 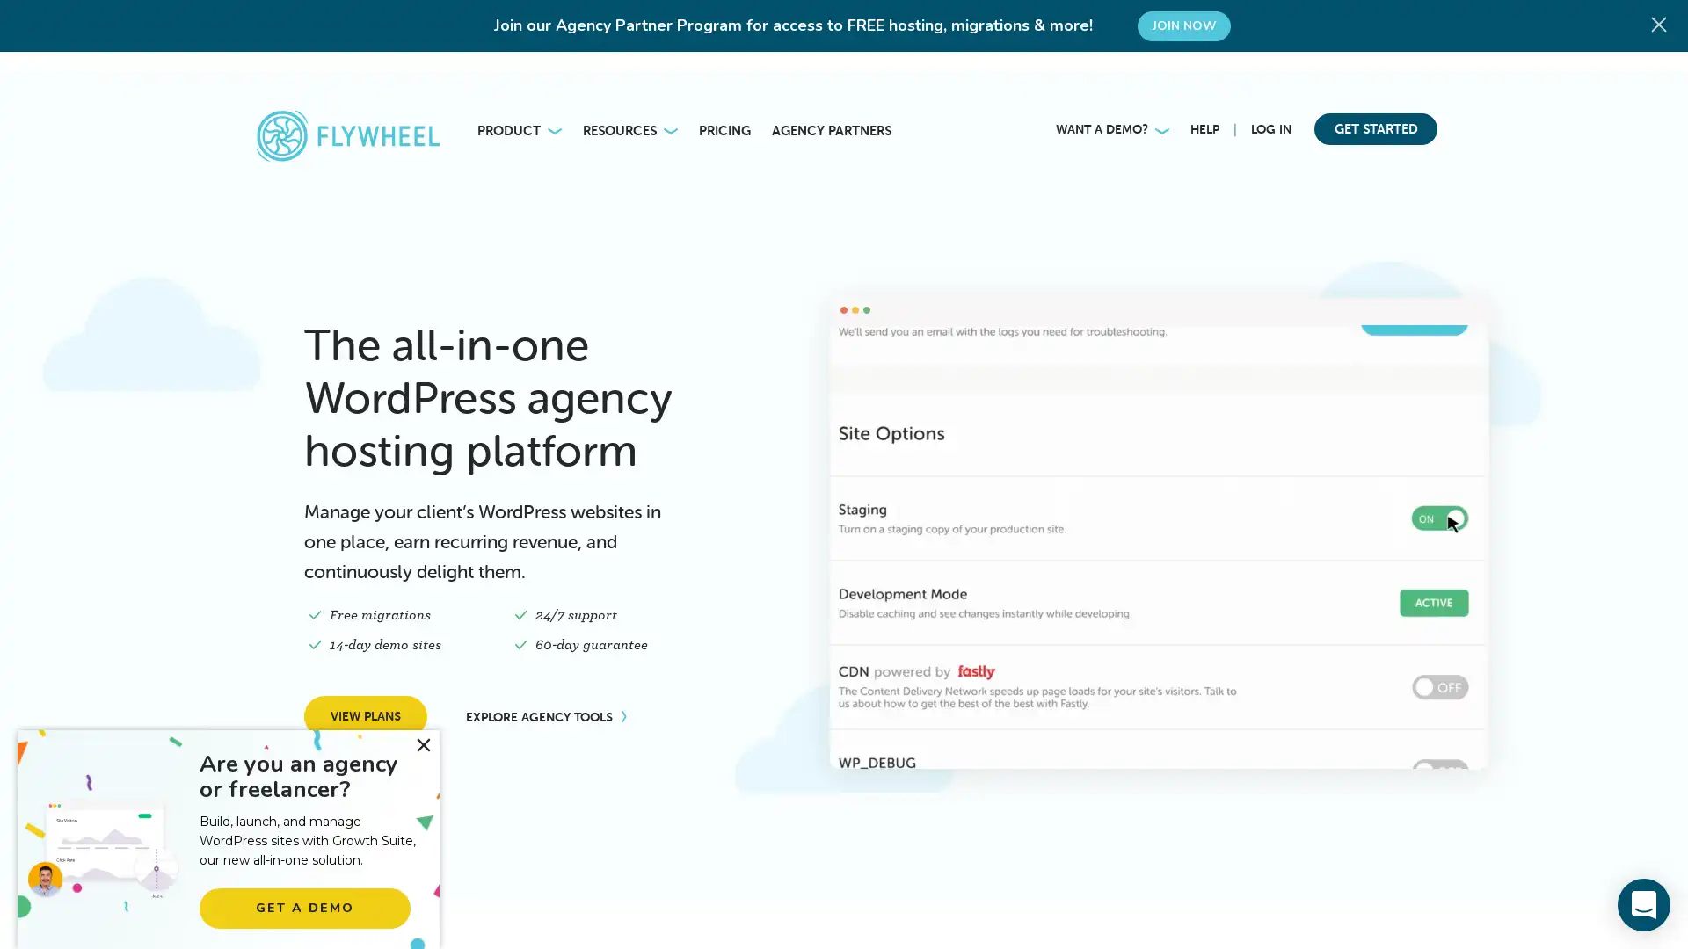 I want to click on Close, so click(x=1662, y=22).